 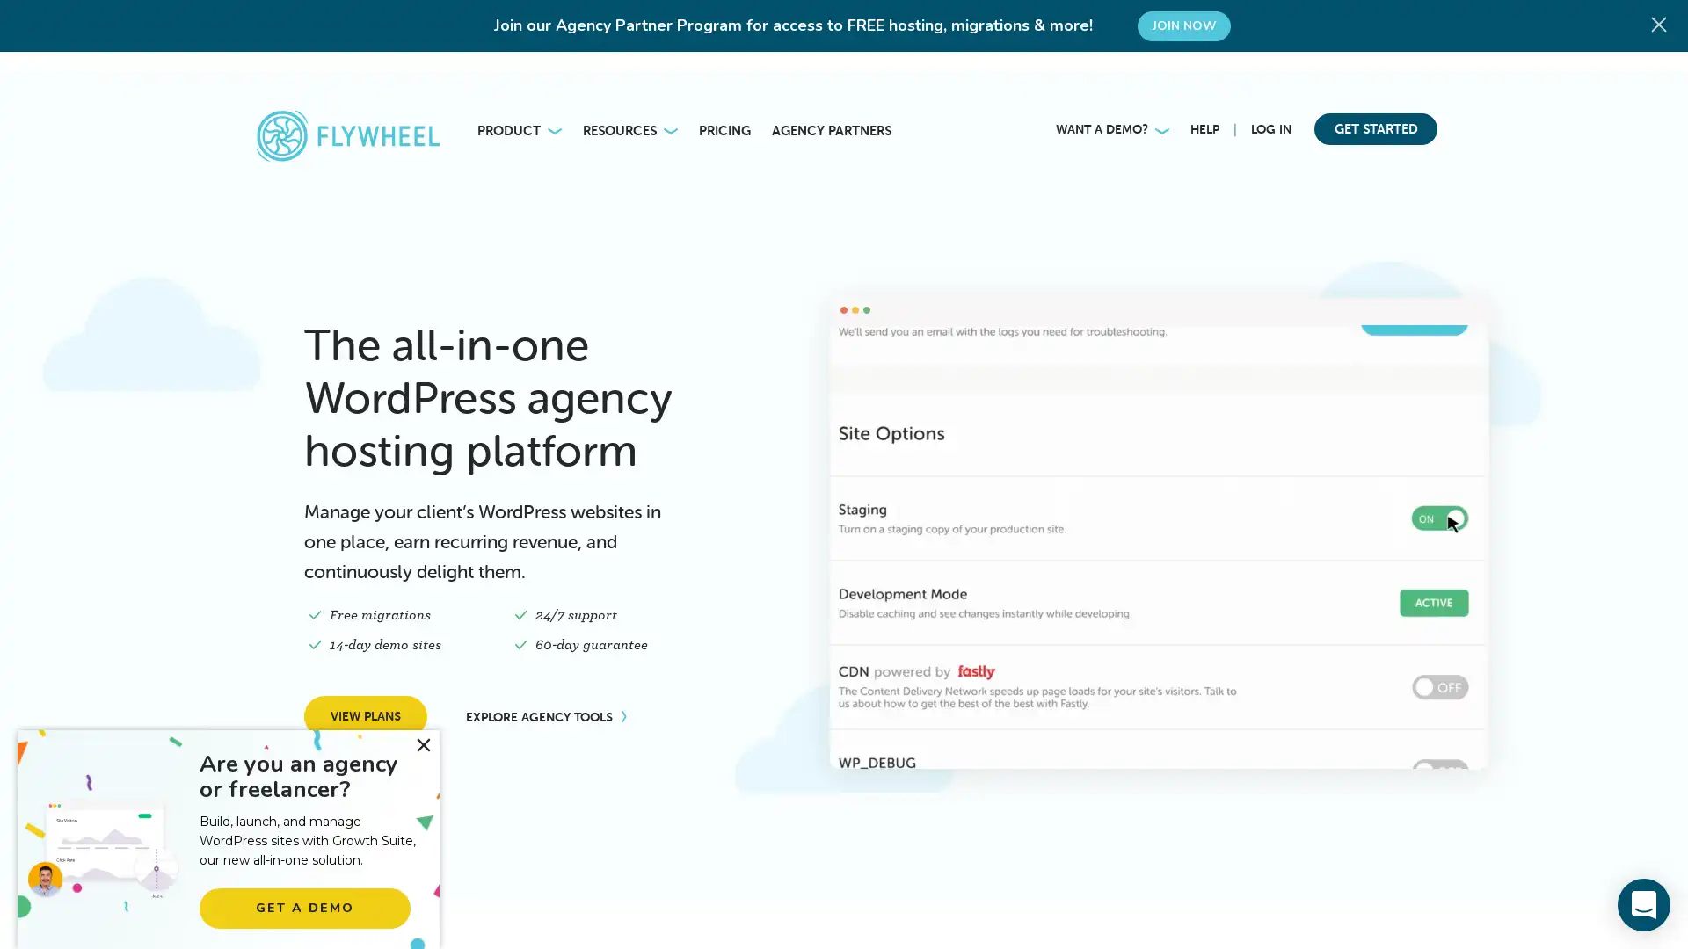 I want to click on Close, so click(x=1662, y=22).